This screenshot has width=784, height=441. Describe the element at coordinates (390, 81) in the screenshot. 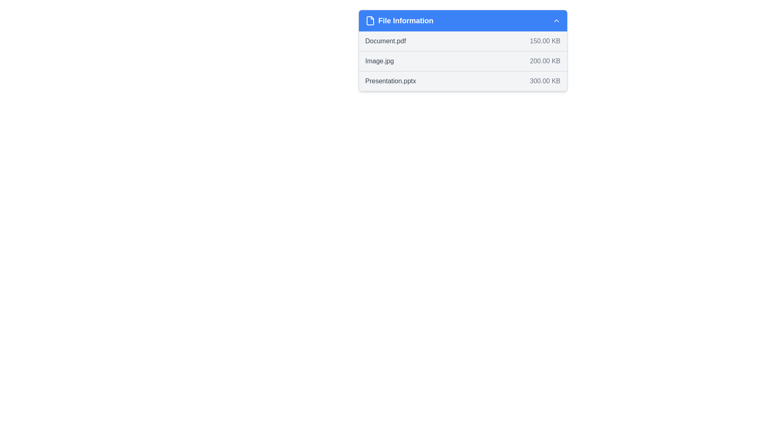

I see `the interactive text label displaying 'Presentation.pptx' located in the third row of the list under 'File Information'` at that location.